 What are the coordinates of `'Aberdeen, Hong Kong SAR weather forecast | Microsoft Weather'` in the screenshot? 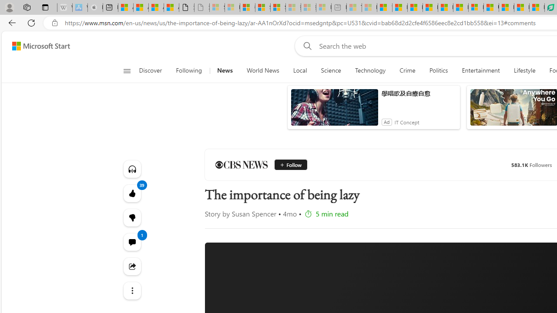 It's located at (141, 7).